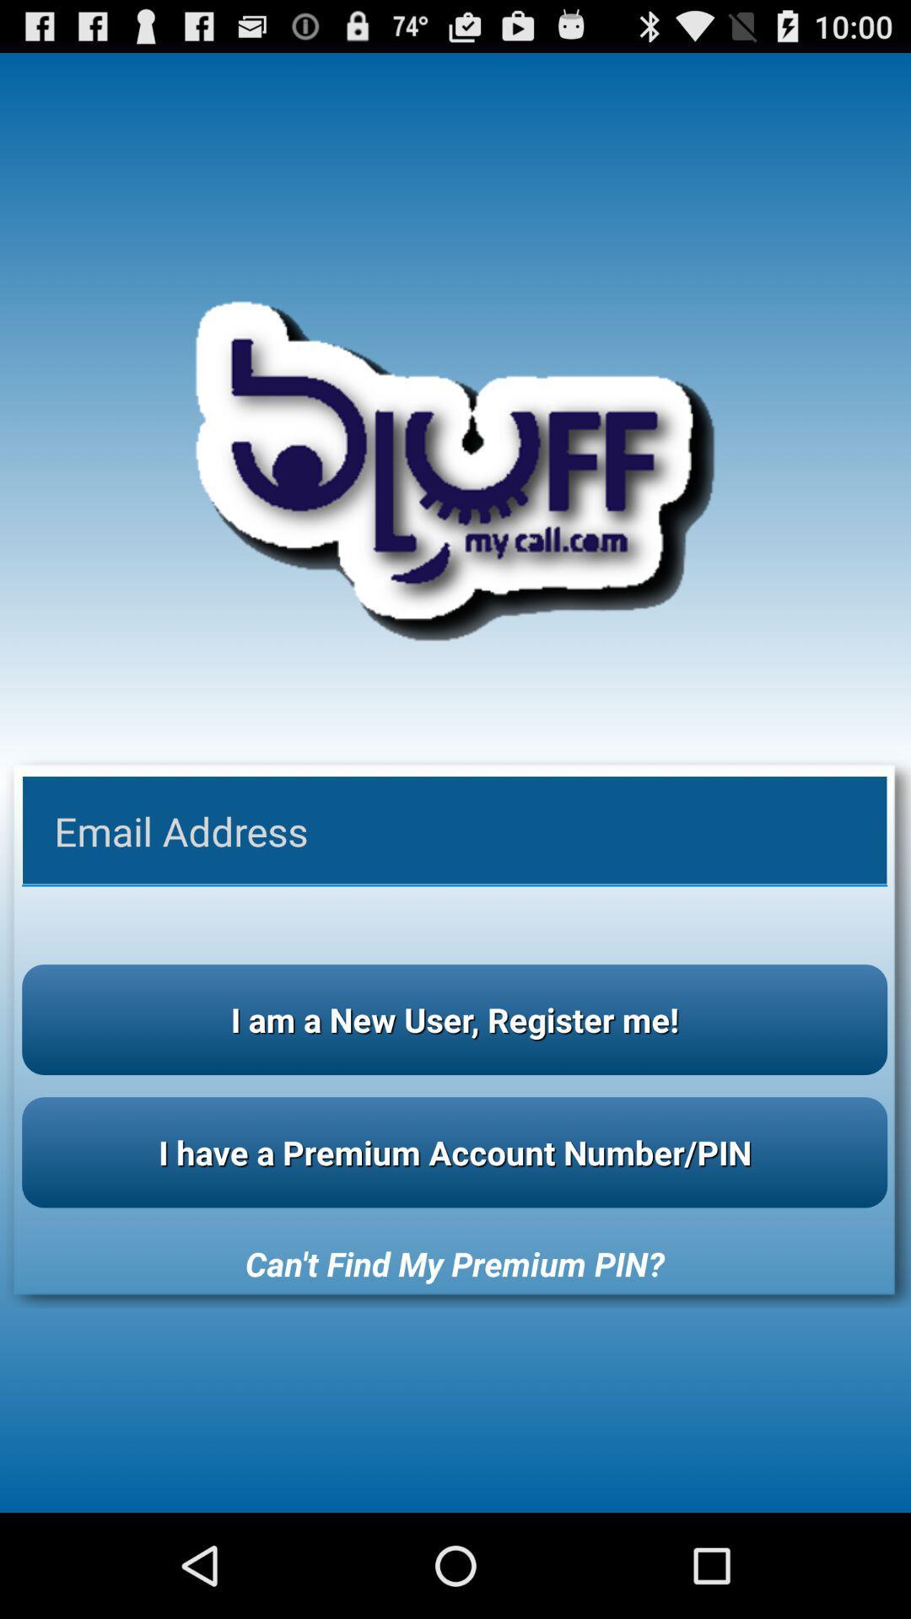 This screenshot has width=911, height=1619. I want to click on can t find app, so click(454, 1263).